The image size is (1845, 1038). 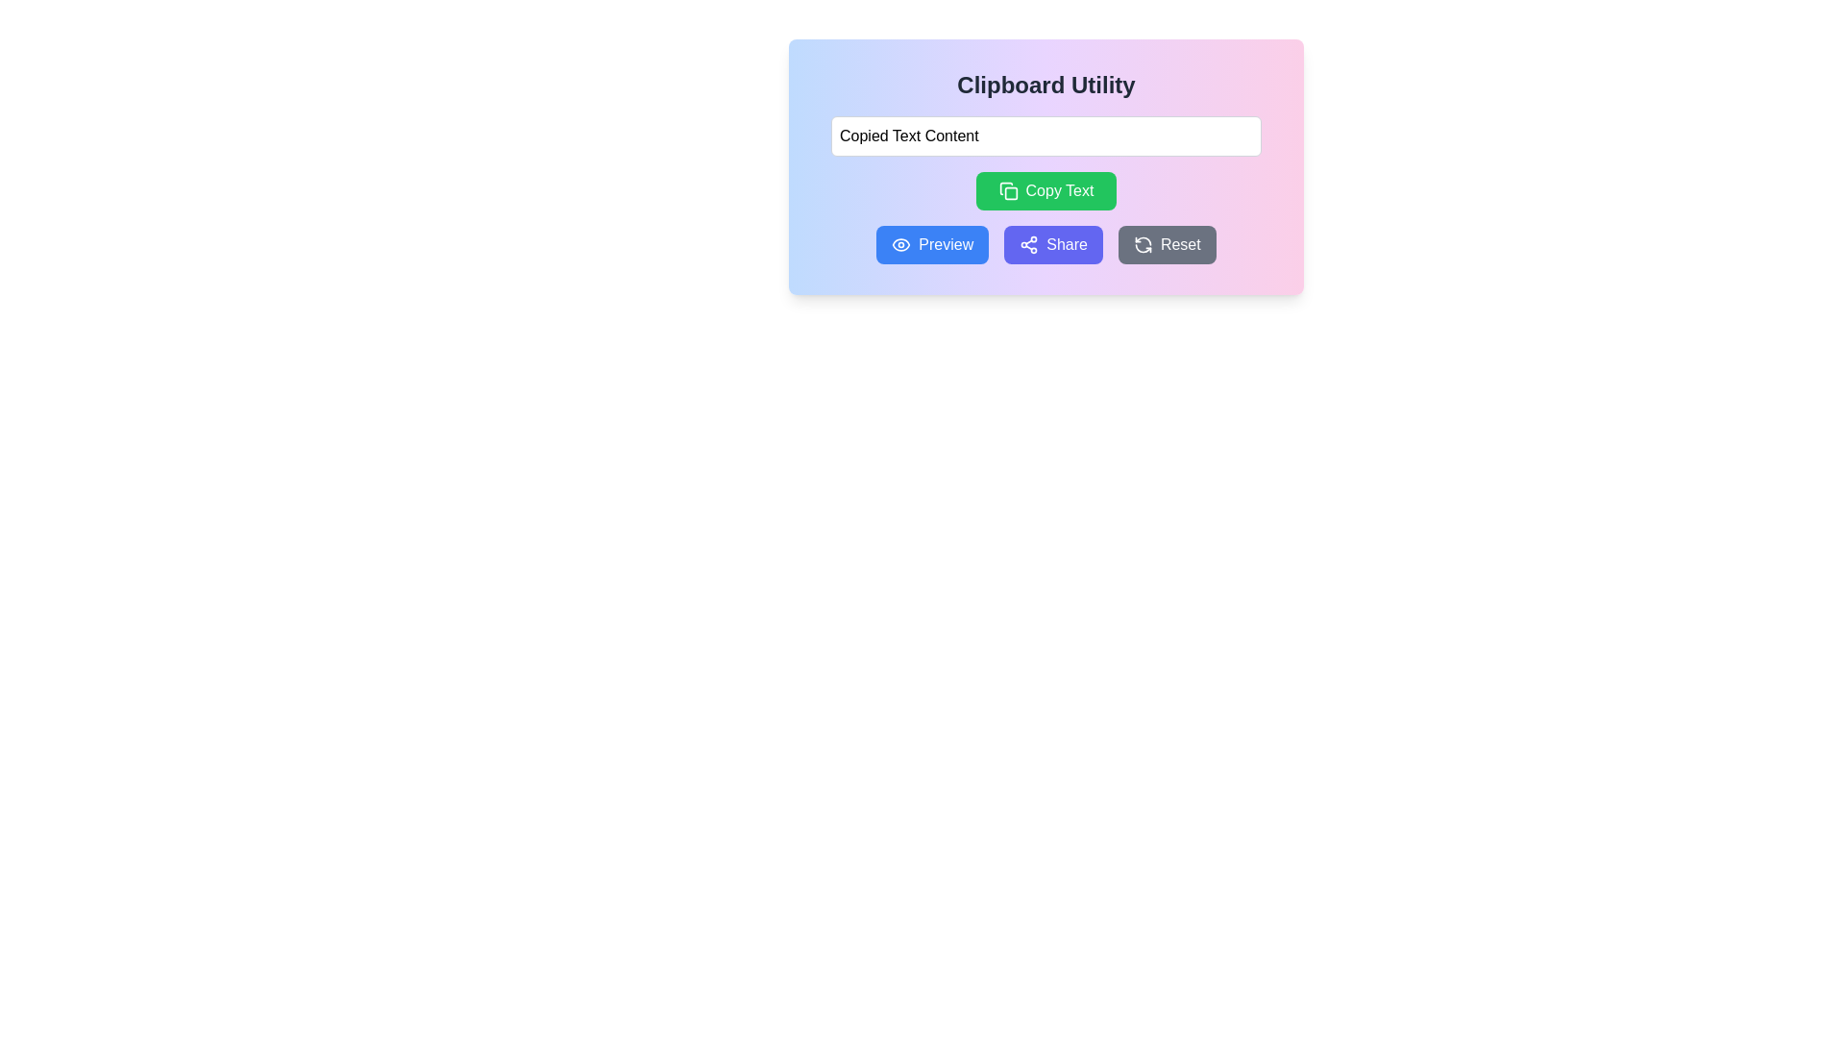 What do you see at coordinates (1052, 243) in the screenshot?
I see `the sharing button located between the 'Preview' and 'Reset' buttons in the center part of the interface` at bounding box center [1052, 243].